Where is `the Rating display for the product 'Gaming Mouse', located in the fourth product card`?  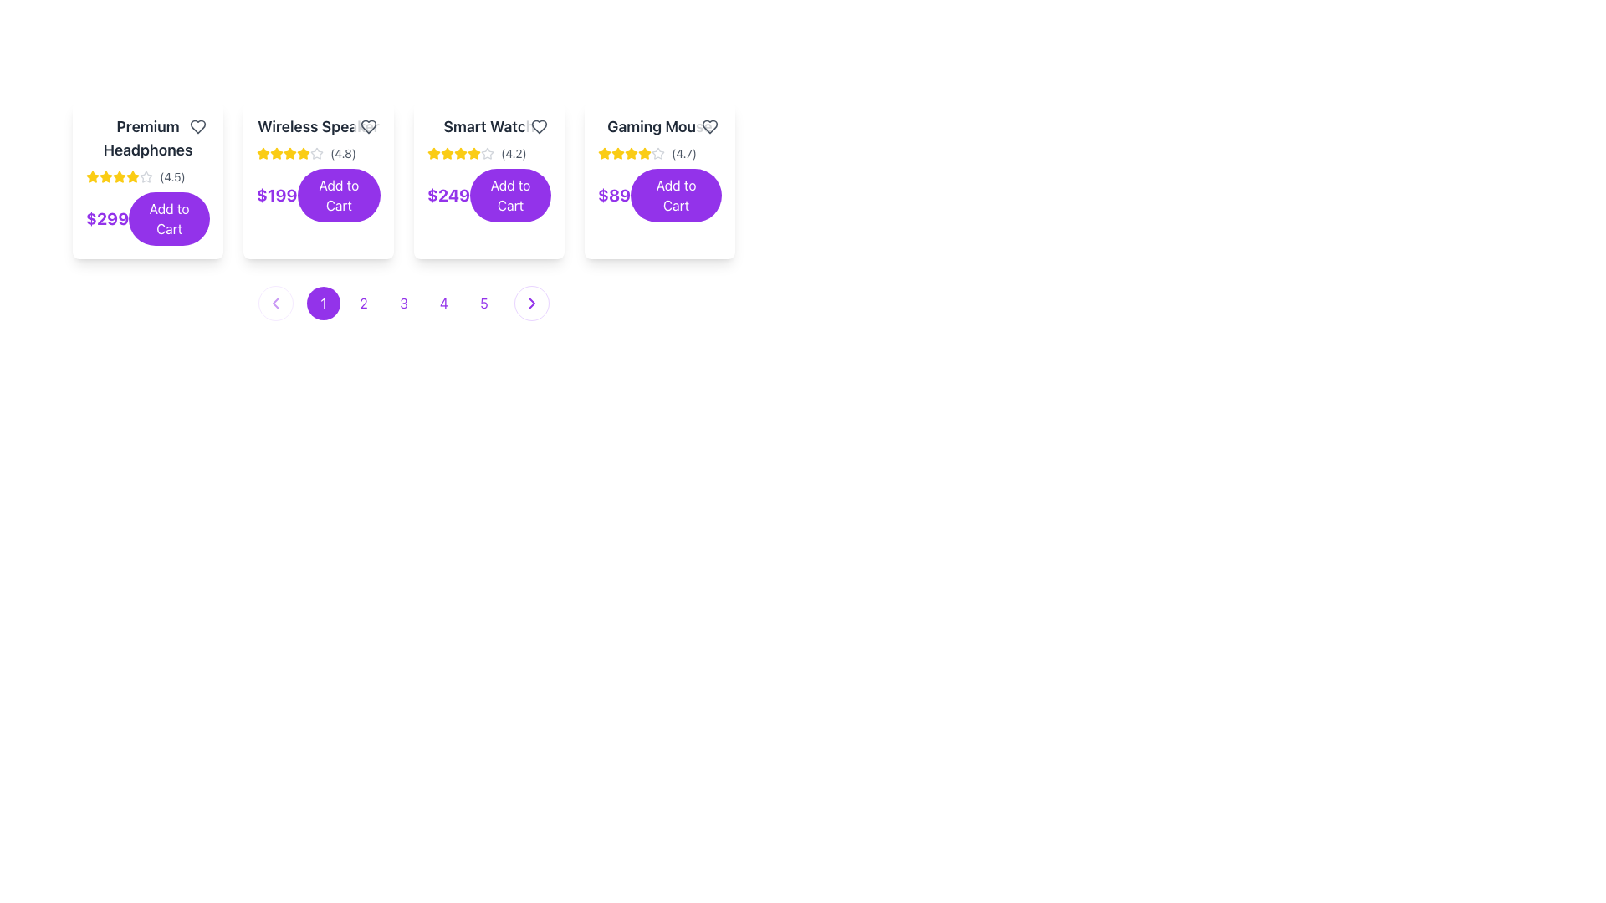 the Rating display for the product 'Gaming Mouse', located in the fourth product card is located at coordinates (658, 154).